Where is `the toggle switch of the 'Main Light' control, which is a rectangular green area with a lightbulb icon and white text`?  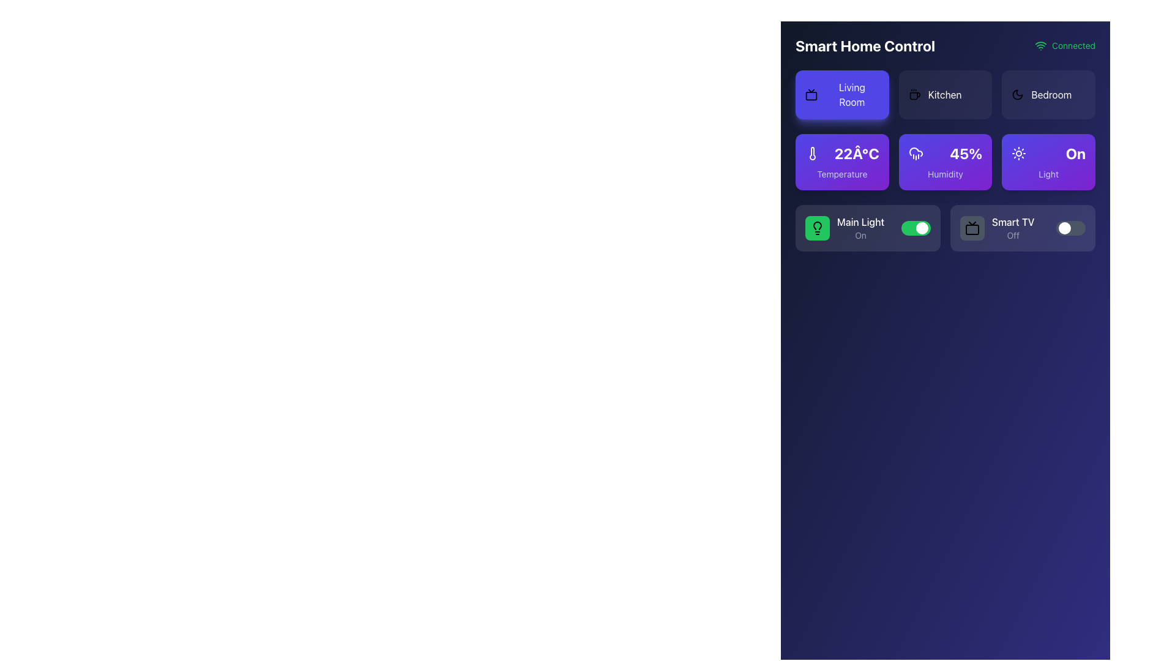
the toggle switch of the 'Main Light' control, which is a rectangular green area with a lightbulb icon and white text is located at coordinates (867, 228).